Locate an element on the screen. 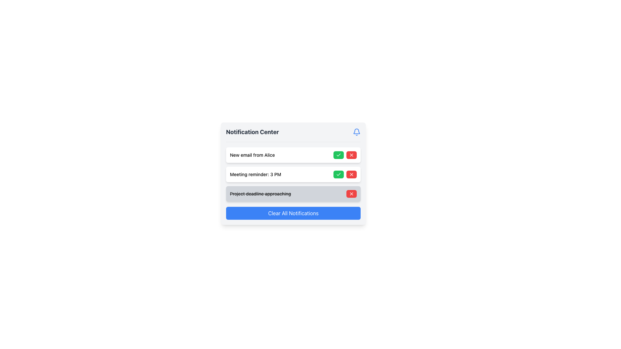  the green button that marks the notification 'Meeting reminder: 3 PM' as completed, located to the left of the red 'delete' icon is located at coordinates (338, 174).